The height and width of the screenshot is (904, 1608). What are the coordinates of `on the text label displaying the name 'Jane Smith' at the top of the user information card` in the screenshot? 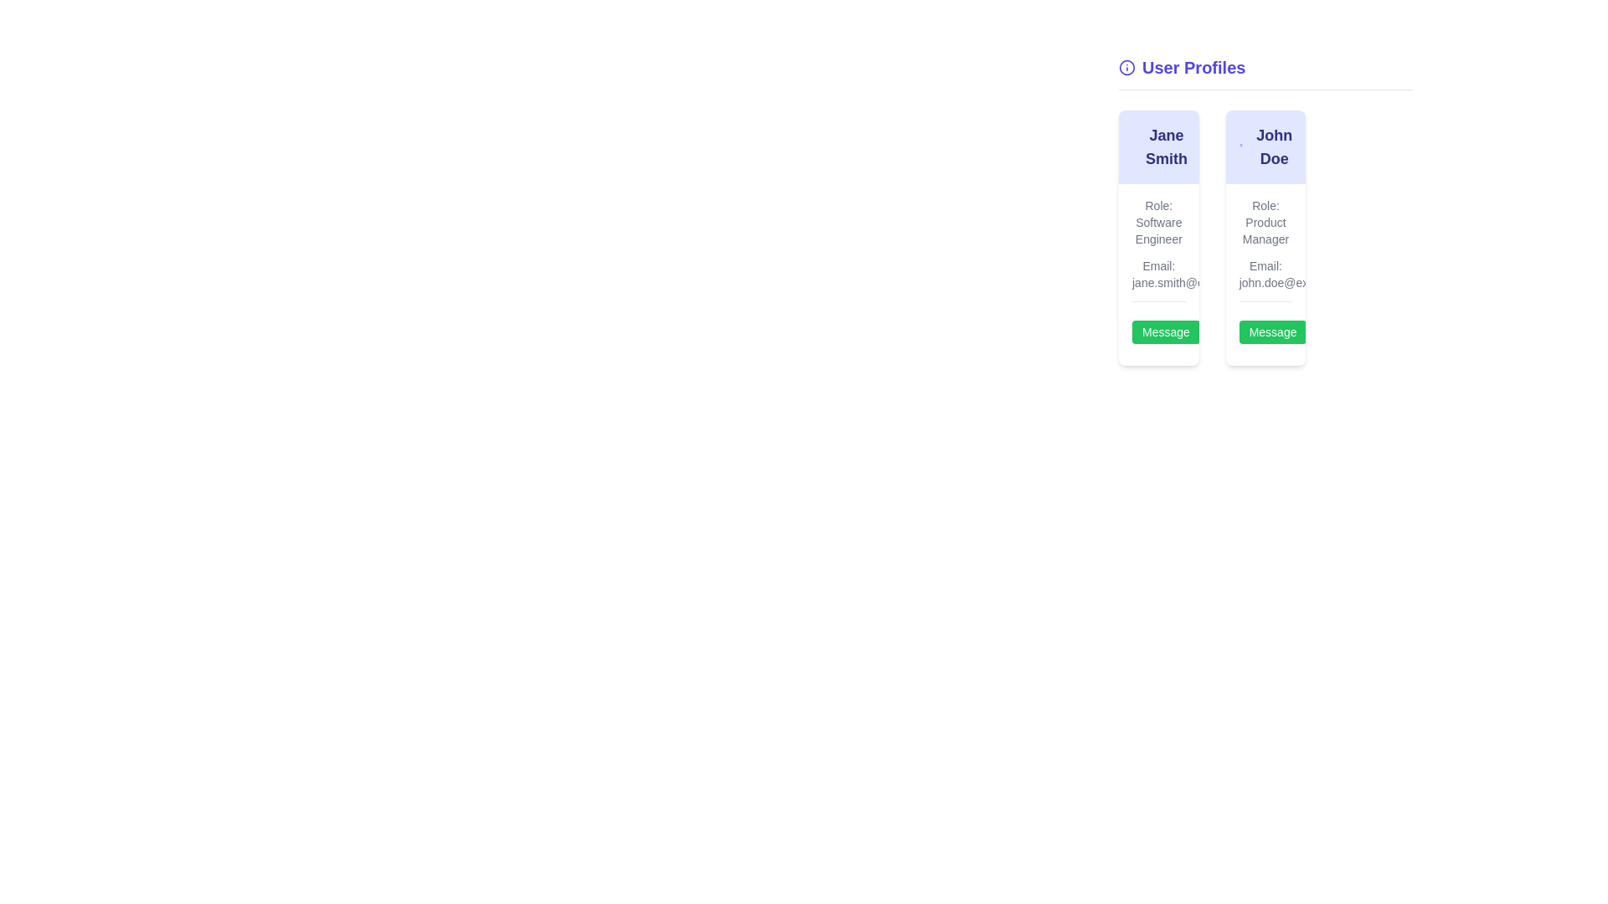 It's located at (1165, 146).